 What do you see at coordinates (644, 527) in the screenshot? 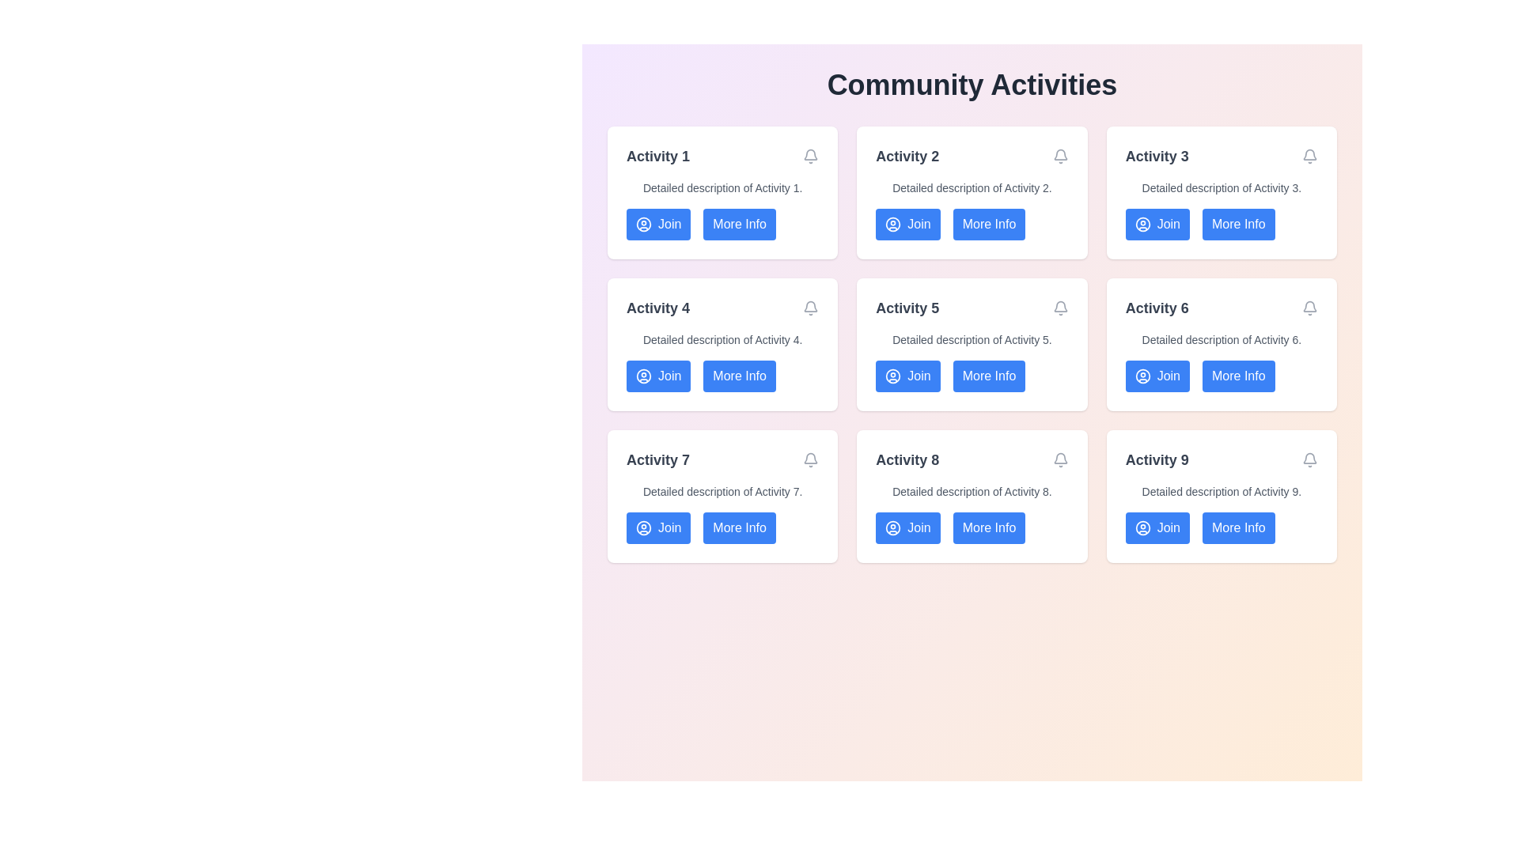
I see `the 'Join' button associated with the circular user icon for 'Activity 7' in the 'Community Activities' section` at bounding box center [644, 527].